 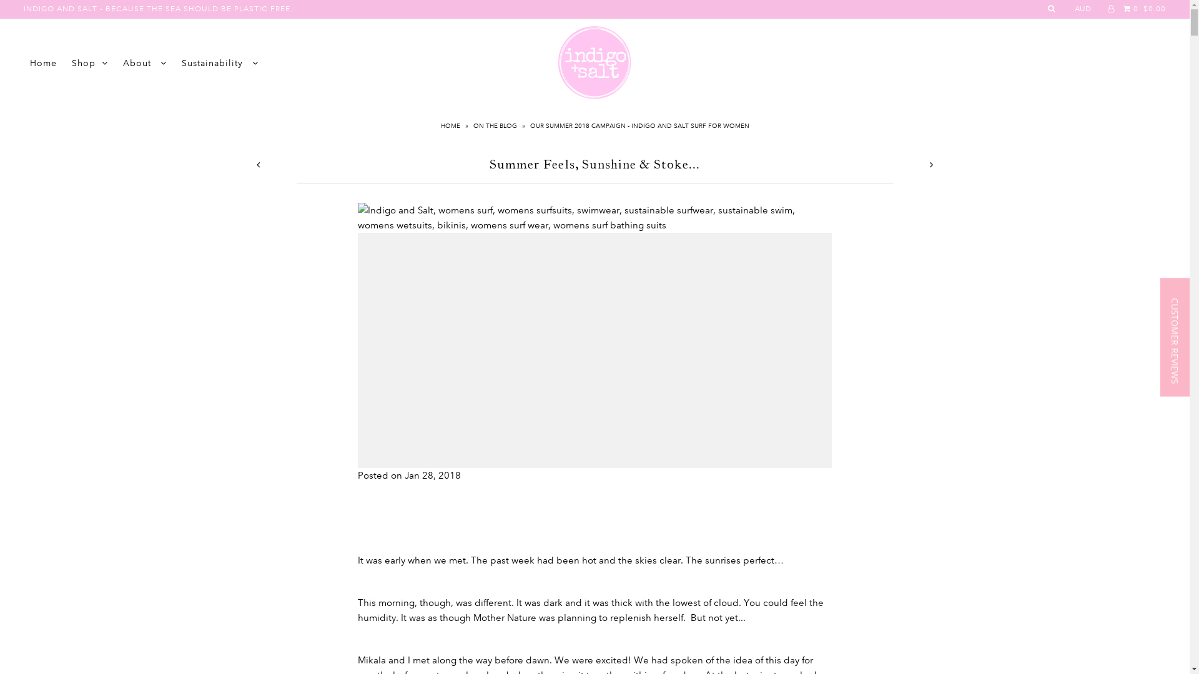 What do you see at coordinates (157, 9) in the screenshot?
I see `'INDIGO AND SALT - BECAUSE THE SEA SHOULD BE PLASTIC FREE.'` at bounding box center [157, 9].